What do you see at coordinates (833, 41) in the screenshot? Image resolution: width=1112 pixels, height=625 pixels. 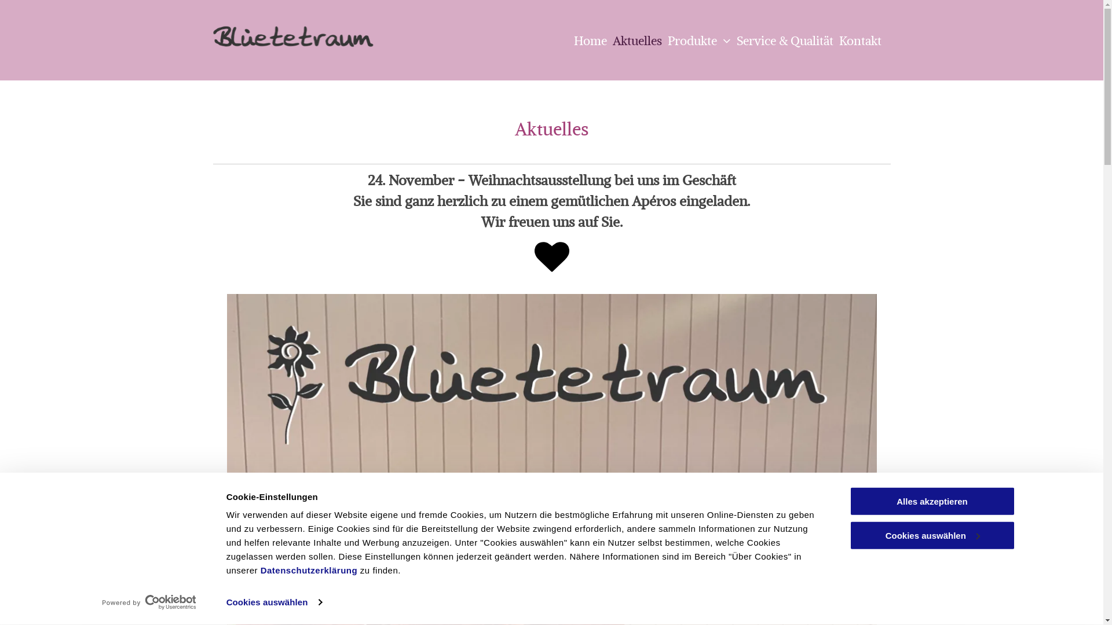 I see `'Kontakt'` at bounding box center [833, 41].